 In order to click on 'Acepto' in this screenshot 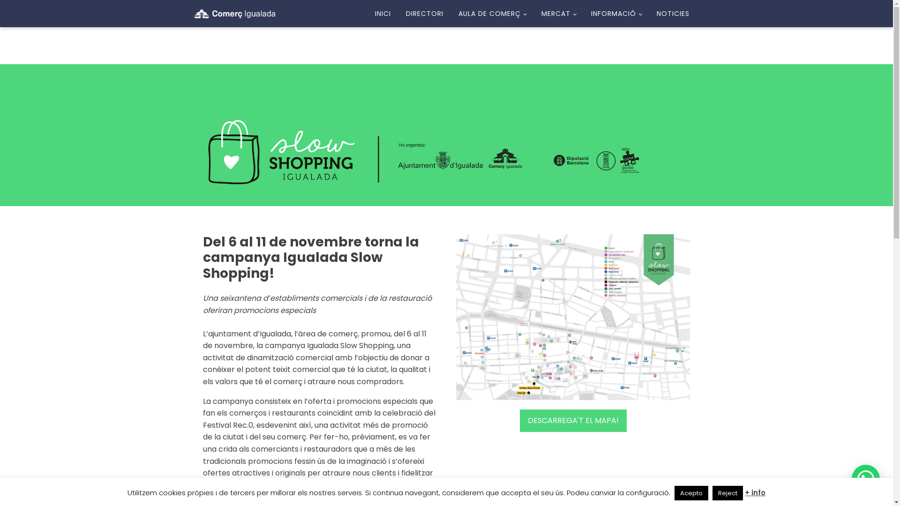, I will do `click(691, 492)`.